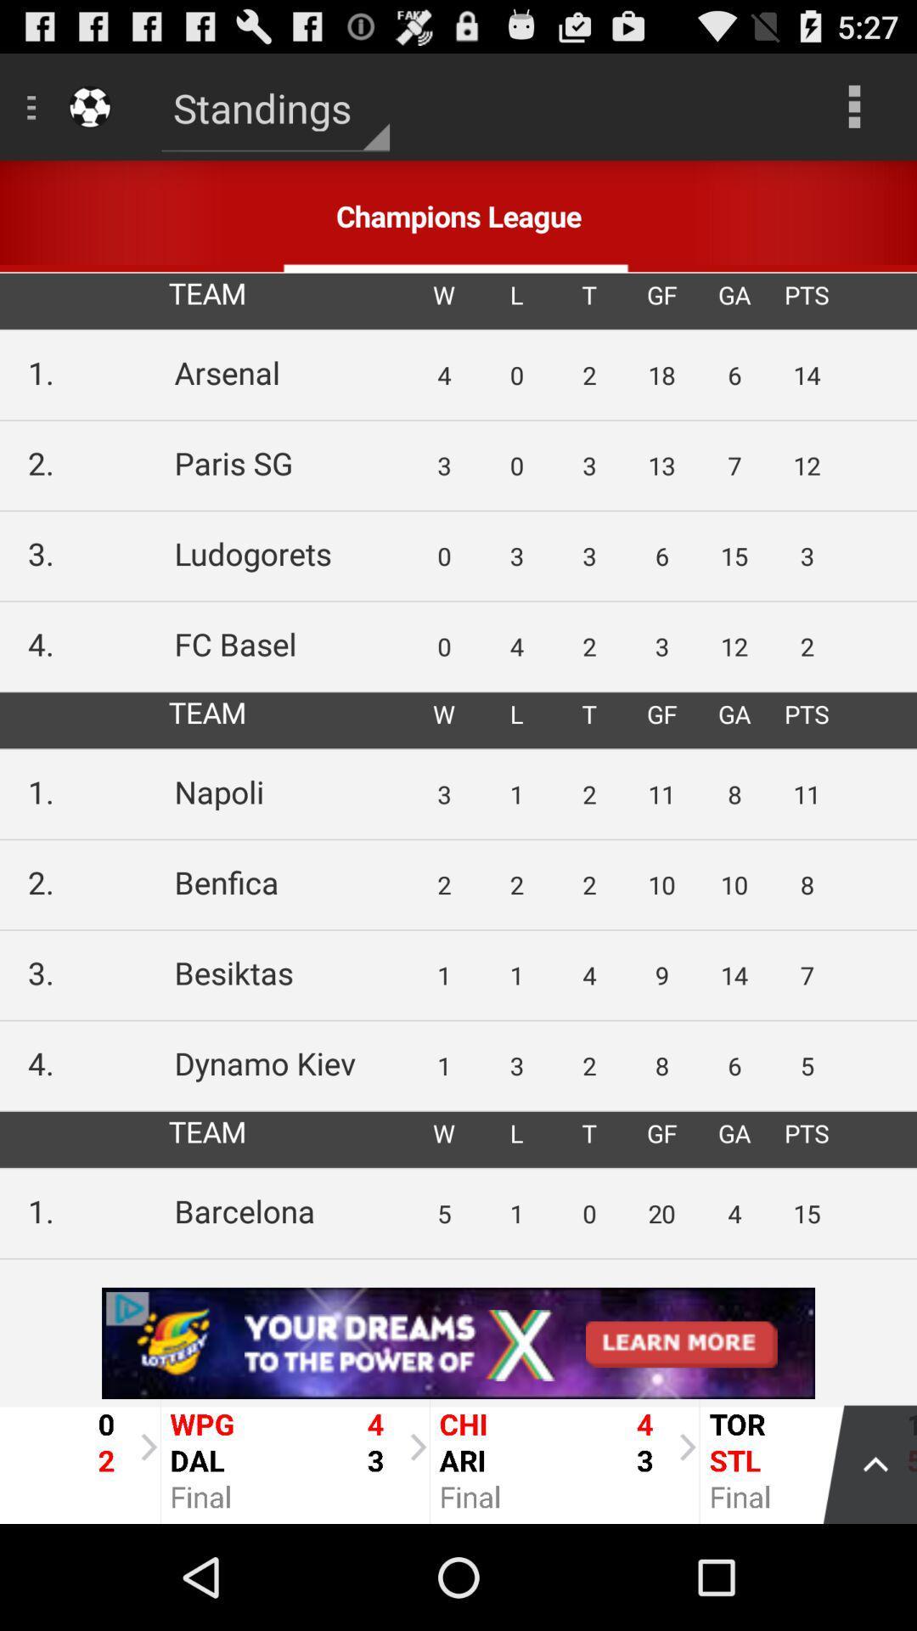  Describe the element at coordinates (861, 1563) in the screenshot. I see `the expand_less icon` at that location.